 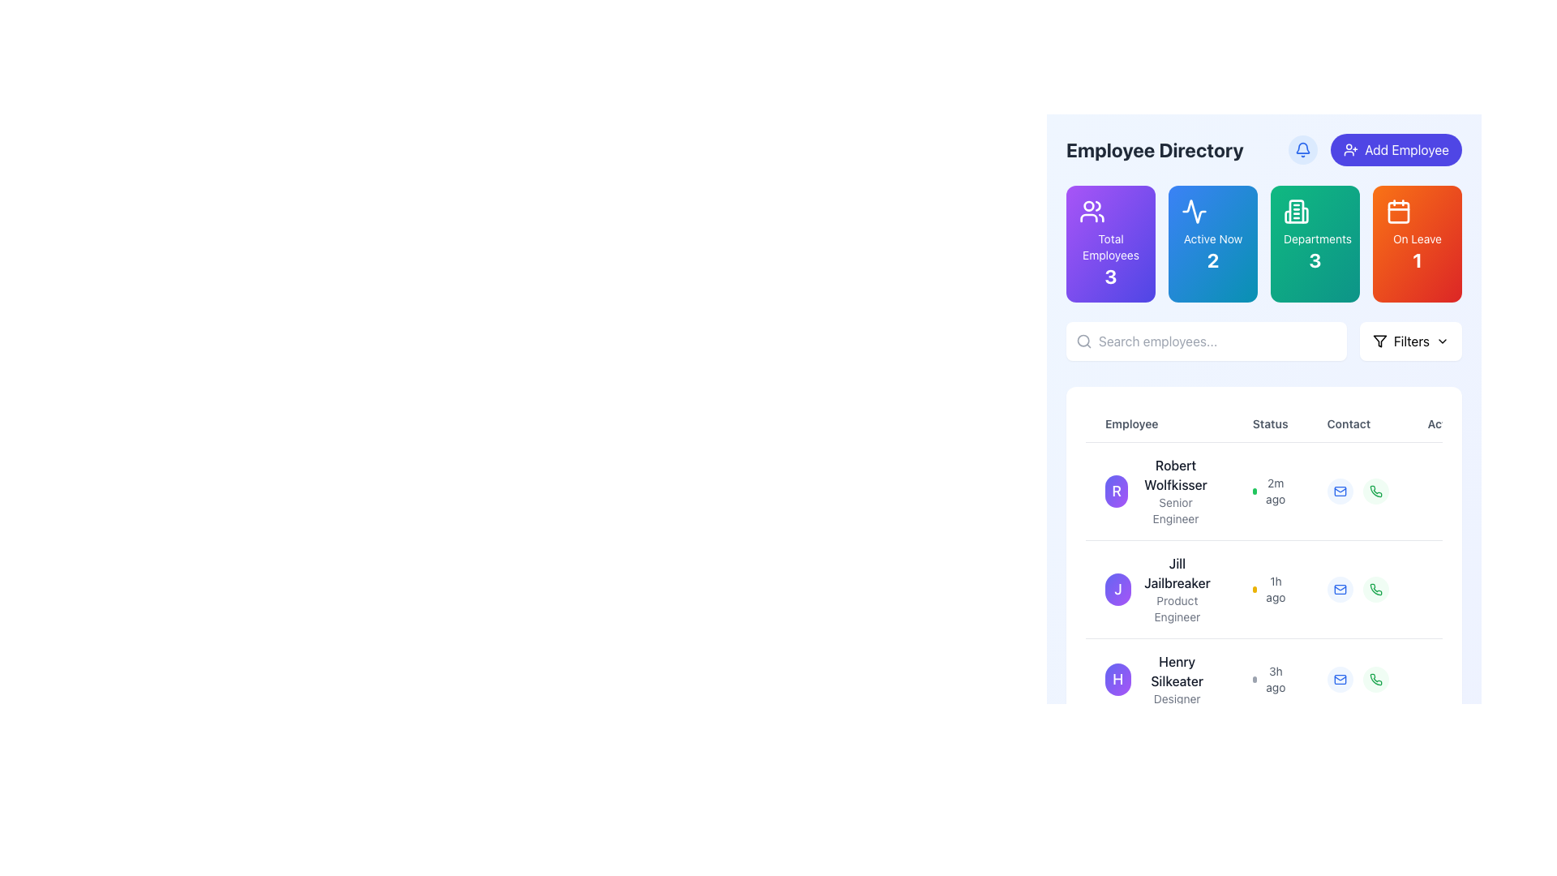 I want to click on the circular button with a light blue background and a blue bell icon, so click(x=1303, y=150).